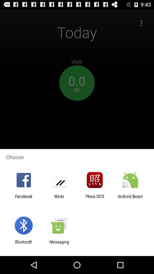  What do you see at coordinates (130, 199) in the screenshot?
I see `the item at the bottom right corner` at bounding box center [130, 199].